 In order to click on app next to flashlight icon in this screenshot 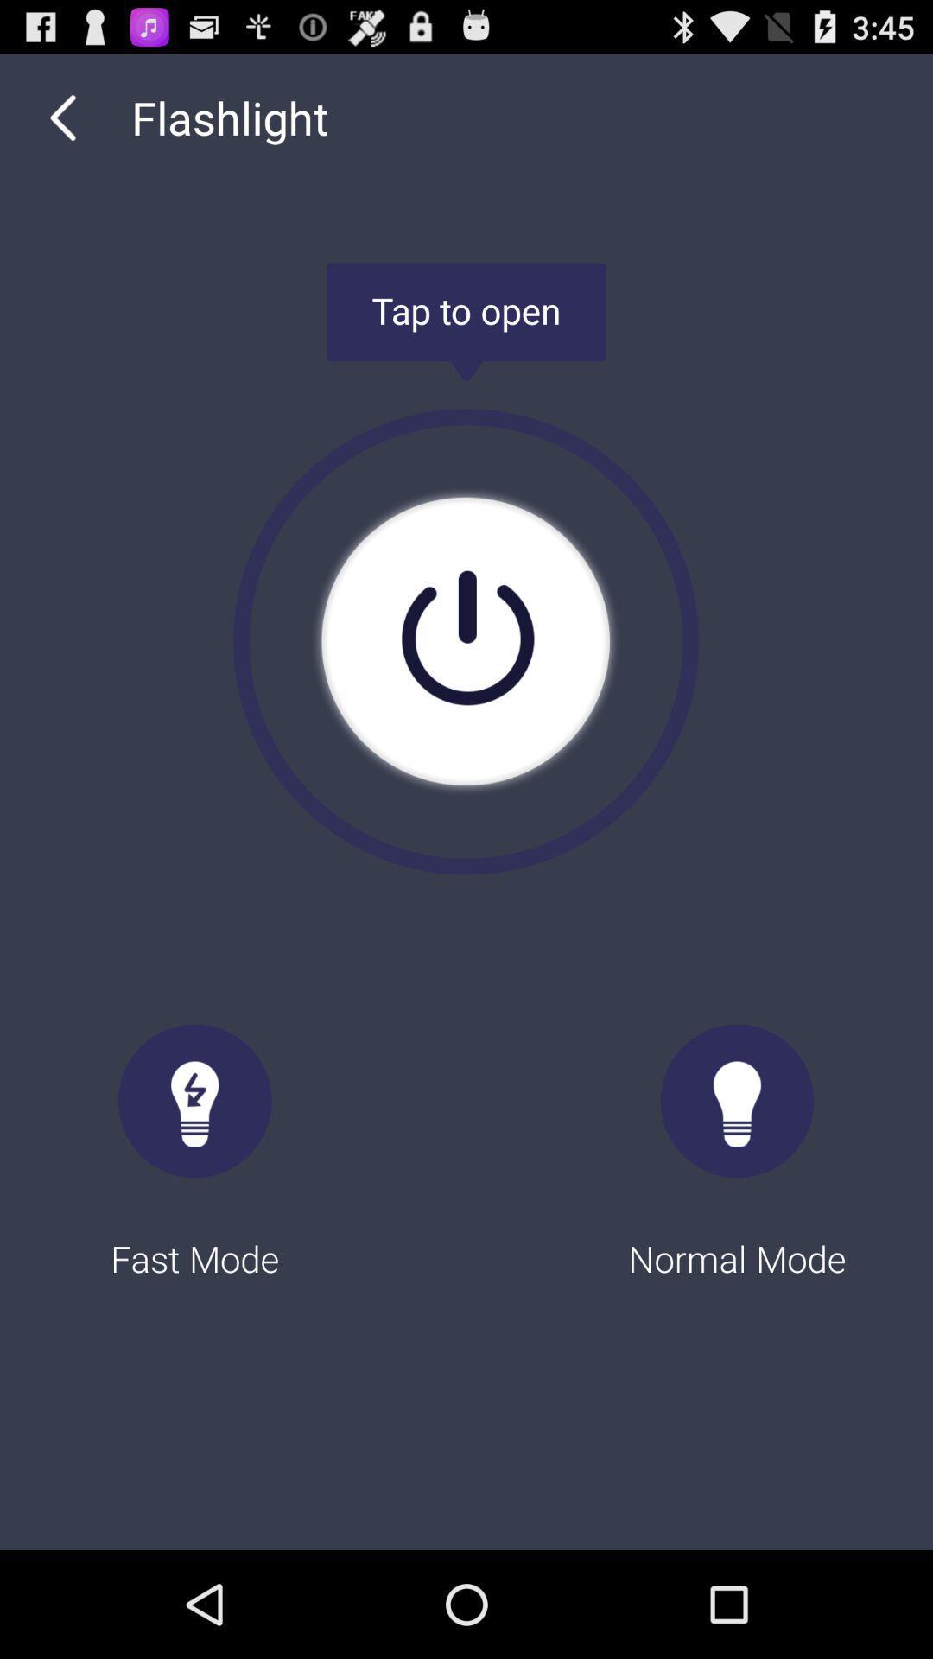, I will do `click(62, 117)`.